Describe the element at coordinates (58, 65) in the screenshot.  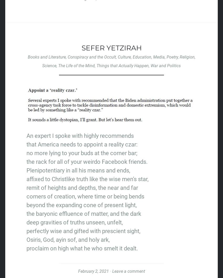
I see `'The Life of the Mind'` at that location.